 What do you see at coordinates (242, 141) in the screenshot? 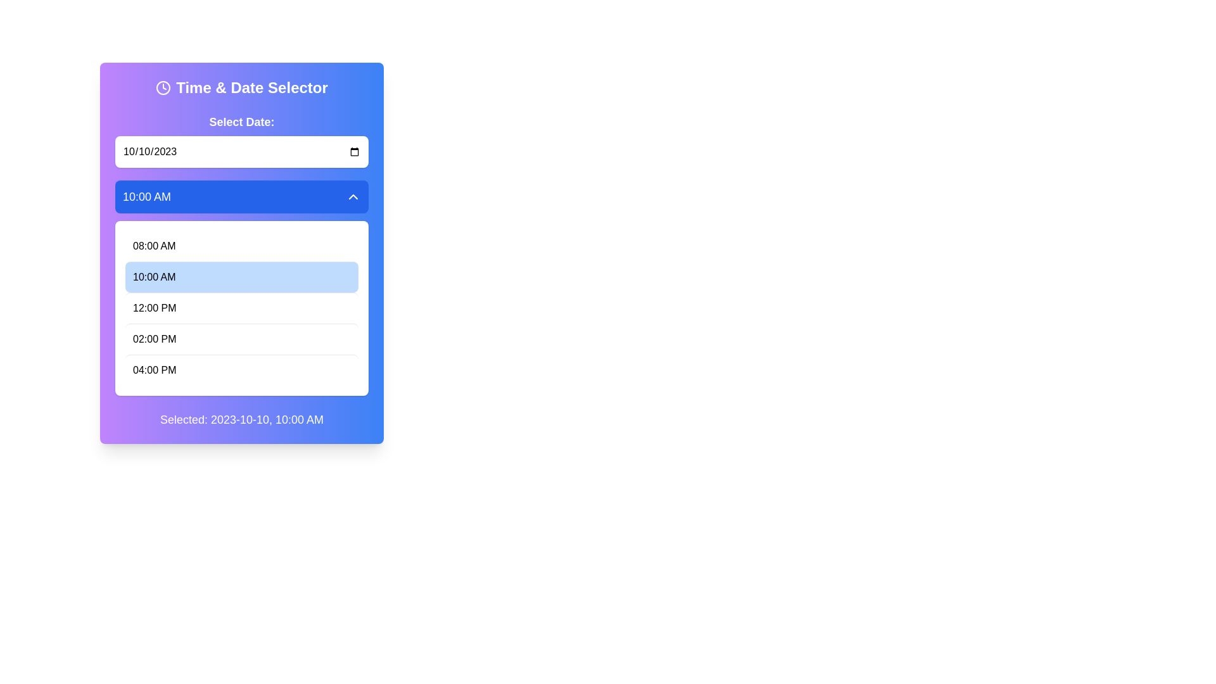
I see `the labeled date input field below the title 'Time & Date Selector'` at bounding box center [242, 141].